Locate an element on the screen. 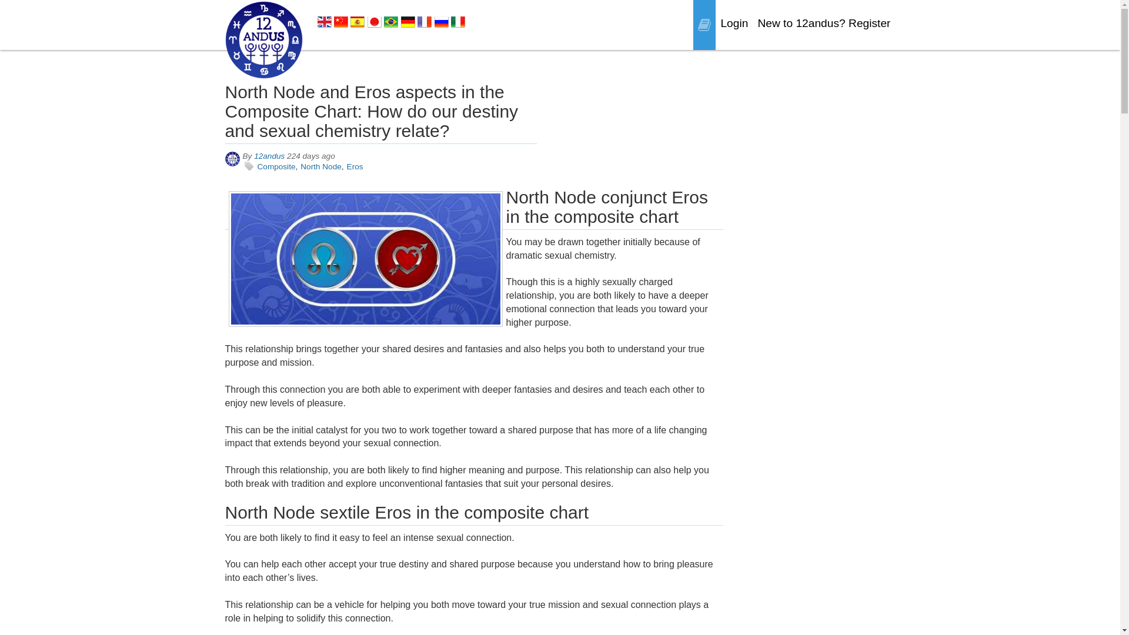 This screenshot has height=635, width=1129. 'Italian' is located at coordinates (450, 22).